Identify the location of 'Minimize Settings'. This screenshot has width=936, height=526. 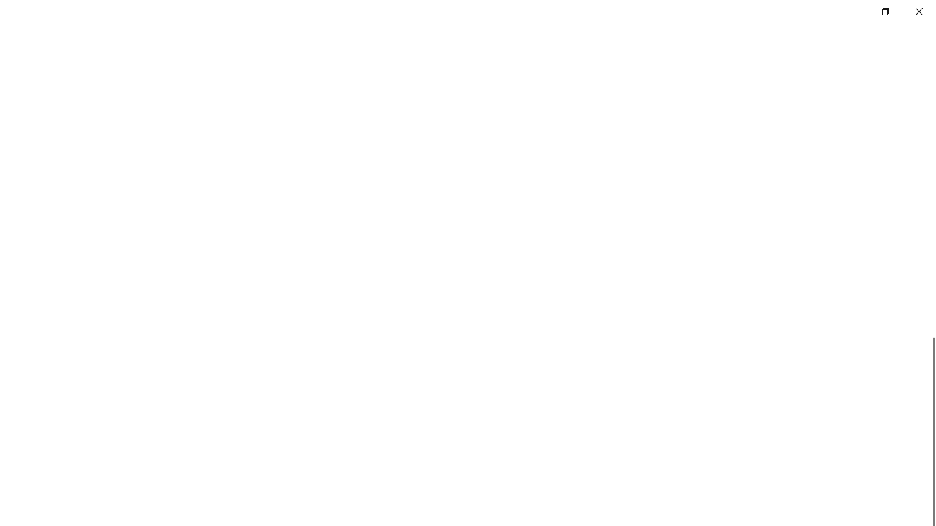
(851, 11).